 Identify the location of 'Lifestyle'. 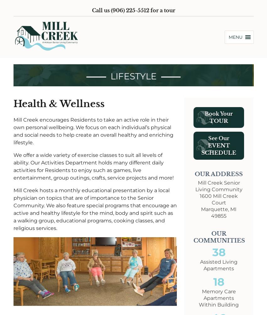
(133, 76).